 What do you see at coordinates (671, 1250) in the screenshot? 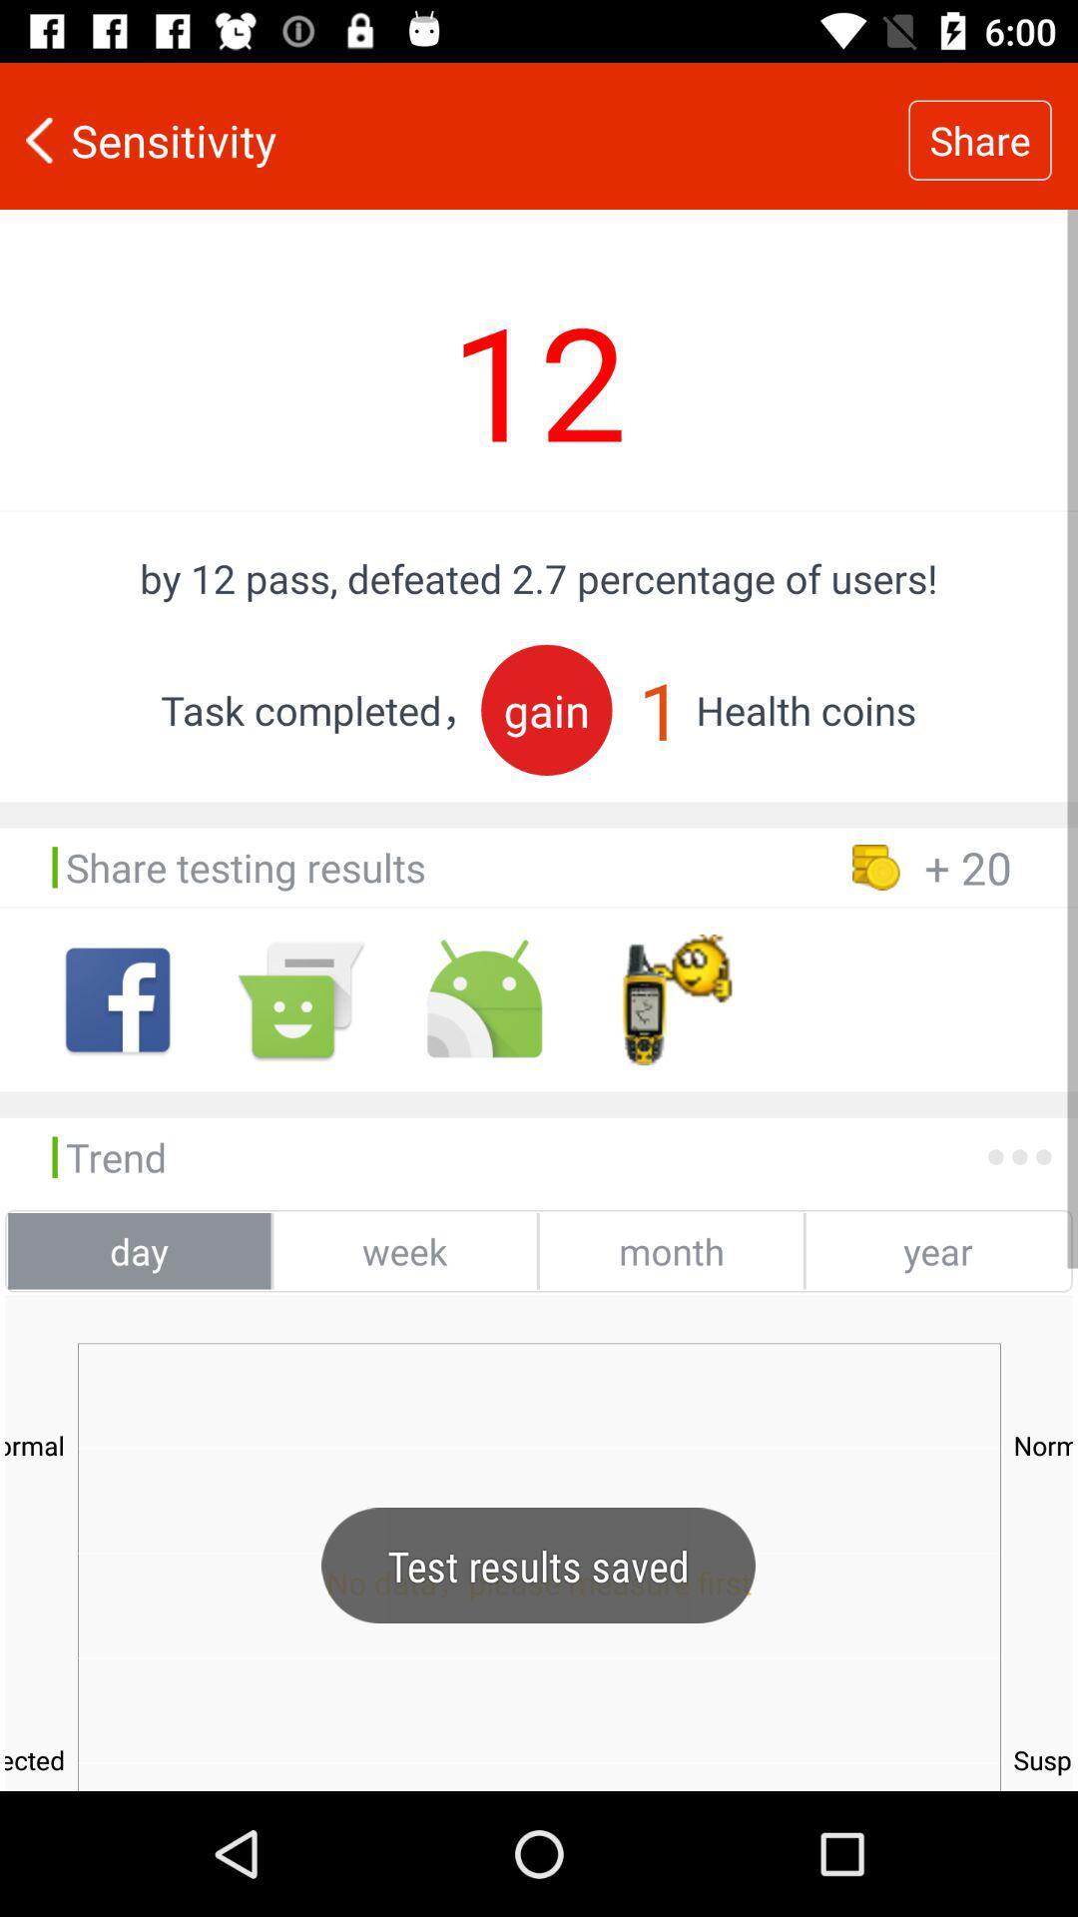
I see `month` at bounding box center [671, 1250].